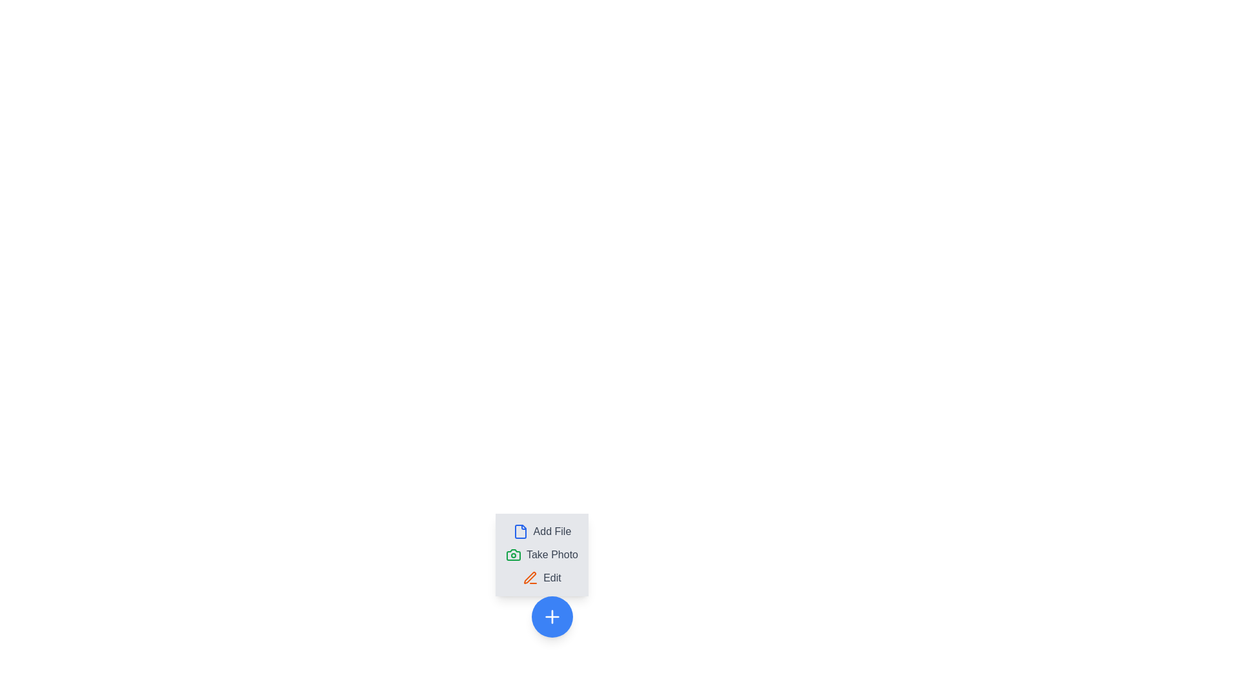  I want to click on the file upload icon located at the start of the horizontal layout next to the 'Add File' label, so click(520, 532).